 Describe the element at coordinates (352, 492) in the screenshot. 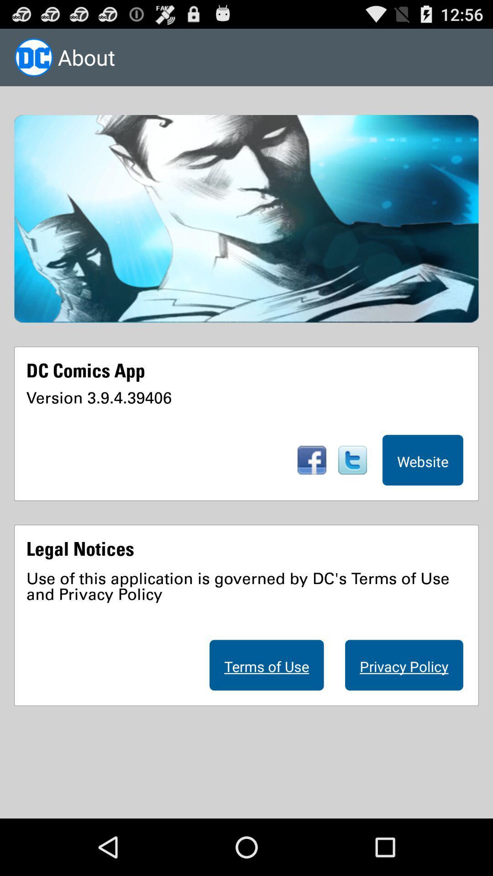

I see `the twitter icon` at that location.